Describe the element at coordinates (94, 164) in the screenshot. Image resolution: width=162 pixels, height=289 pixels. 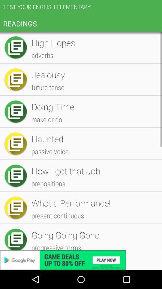
I see `app above the hangman app` at that location.